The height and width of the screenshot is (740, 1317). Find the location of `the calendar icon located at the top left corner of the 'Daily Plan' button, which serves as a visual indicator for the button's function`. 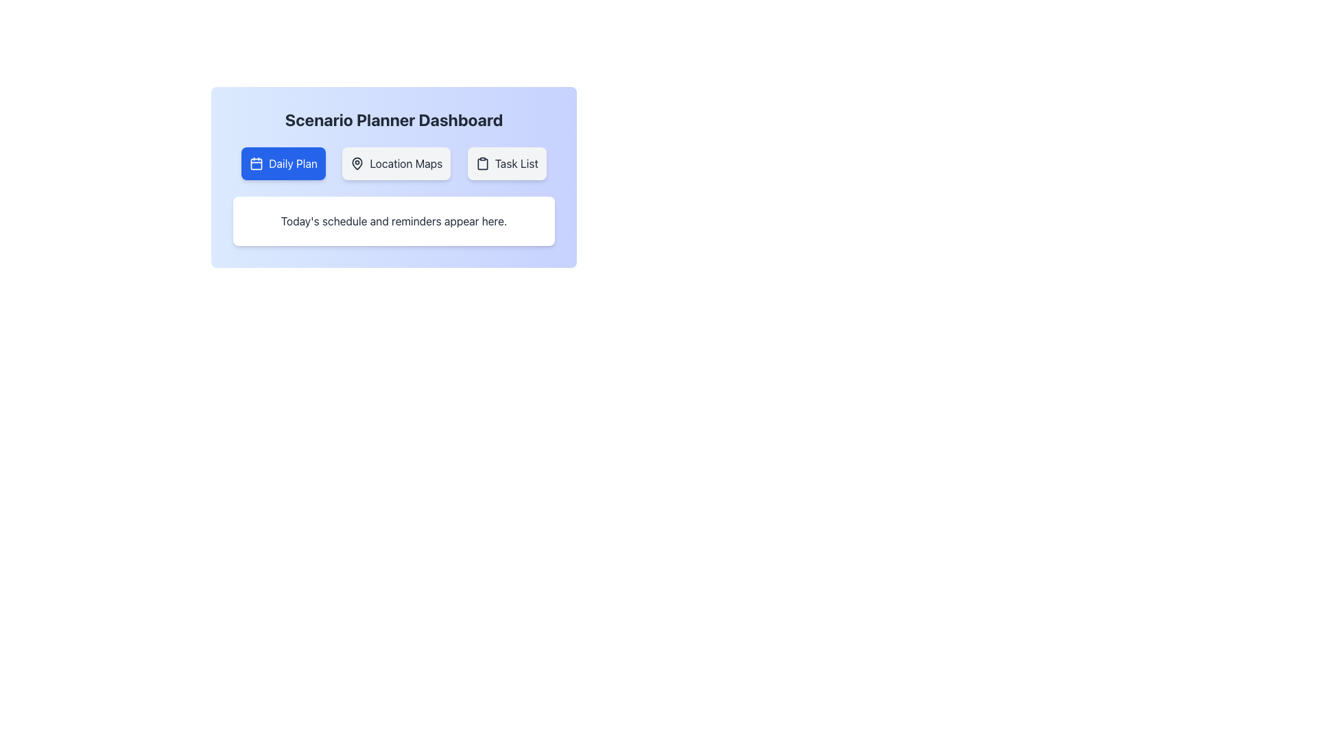

the calendar icon located at the top left corner of the 'Daily Plan' button, which serves as a visual indicator for the button's function is located at coordinates (257, 163).